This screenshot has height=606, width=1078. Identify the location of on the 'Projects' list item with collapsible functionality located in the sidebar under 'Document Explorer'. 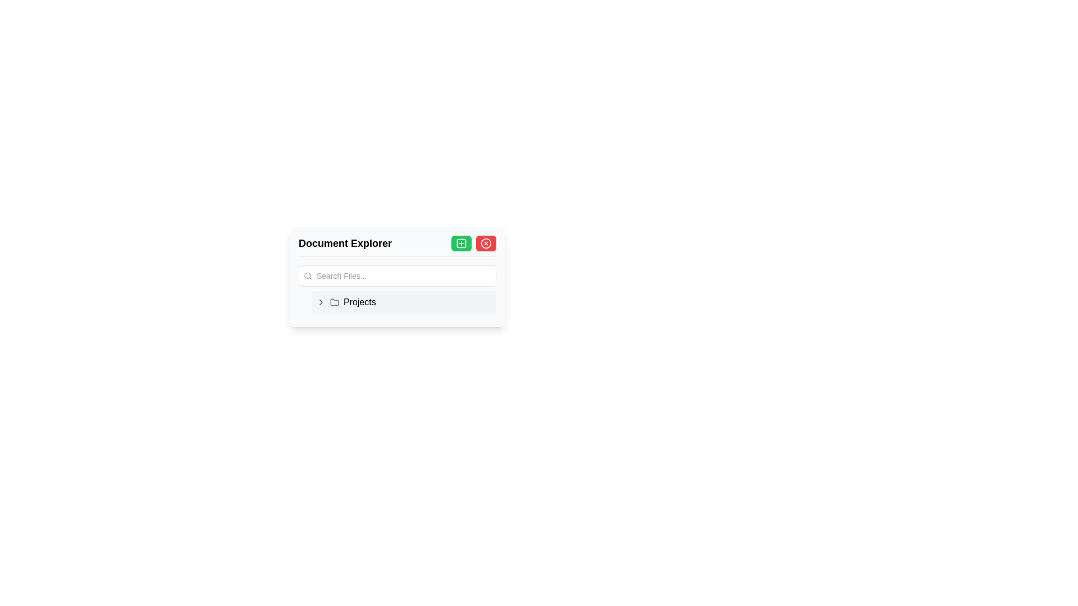
(404, 302).